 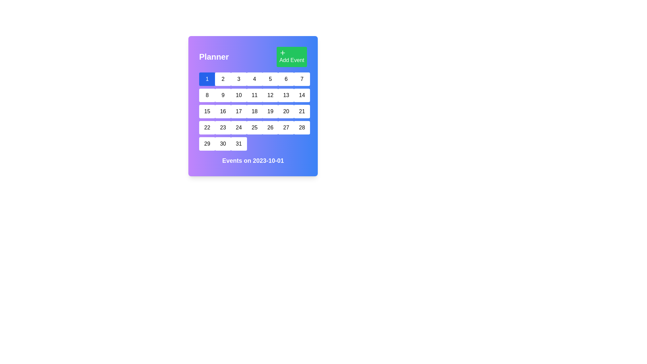 What do you see at coordinates (286, 127) in the screenshot?
I see `the button to select the date '27' in the calendar grid` at bounding box center [286, 127].